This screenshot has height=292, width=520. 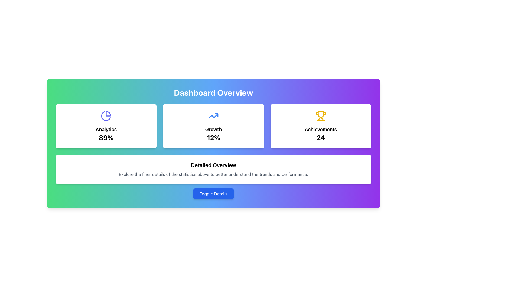 What do you see at coordinates (213, 165) in the screenshot?
I see `heading text that serves as a title for the section located near the lower center of the page, above a paragraph and below the 'Toggle Details' button` at bounding box center [213, 165].